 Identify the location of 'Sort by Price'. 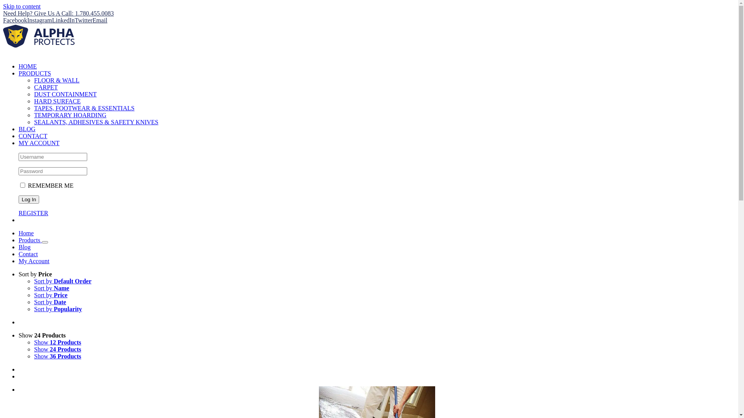
(35, 274).